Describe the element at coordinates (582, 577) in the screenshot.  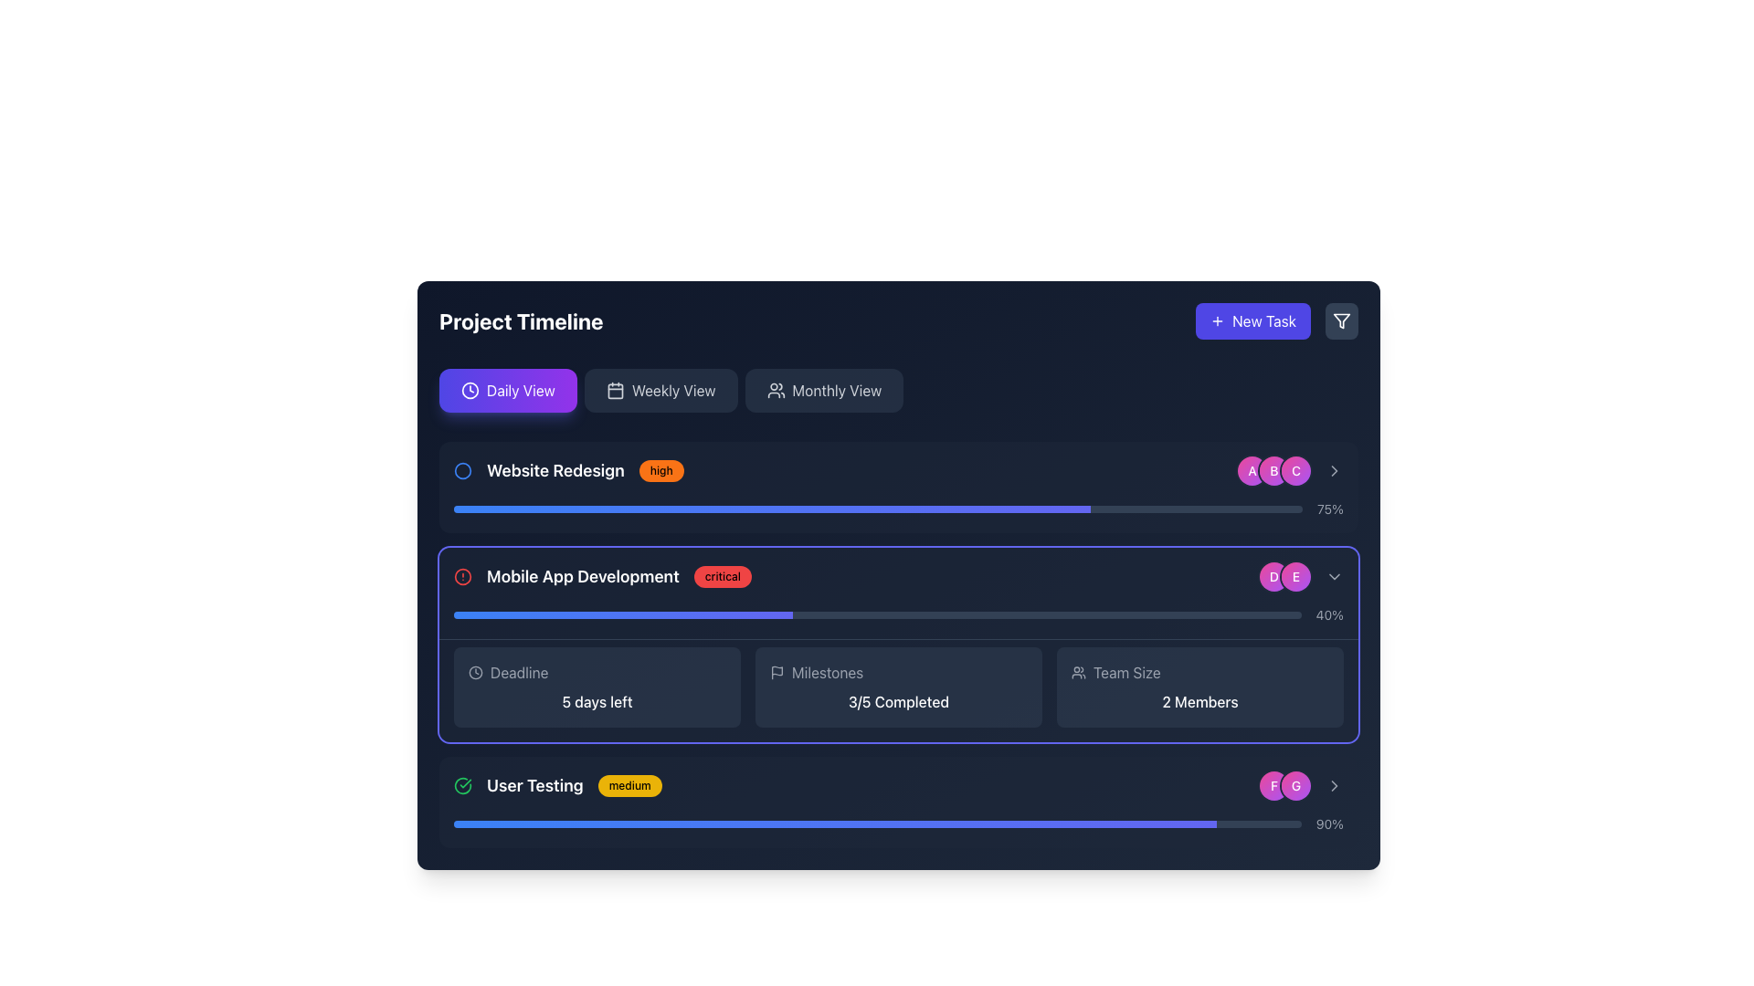
I see `the Text Label displaying 'Mobile App Development', which is centrally positioned between a red alert icon and a 'critical' badge, emphasizing its importance with a bold white font against a dark background` at that location.